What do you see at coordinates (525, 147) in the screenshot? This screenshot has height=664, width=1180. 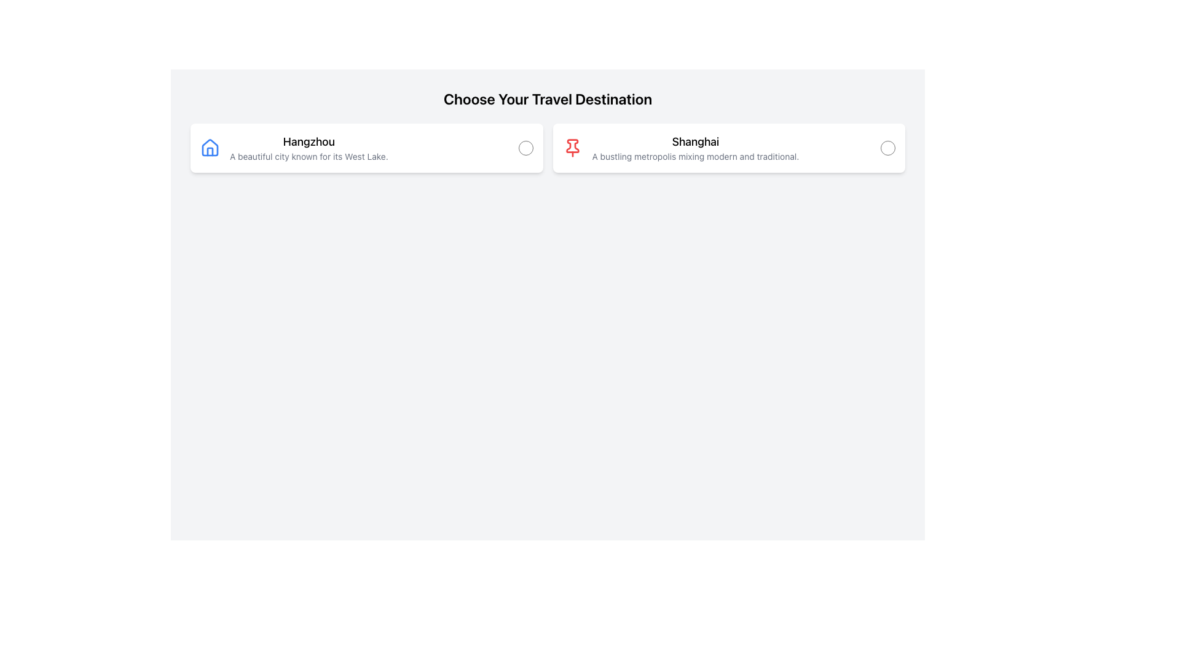 I see `the circular blue radio button located to the right of the text block describing 'Hangzhou'` at bounding box center [525, 147].